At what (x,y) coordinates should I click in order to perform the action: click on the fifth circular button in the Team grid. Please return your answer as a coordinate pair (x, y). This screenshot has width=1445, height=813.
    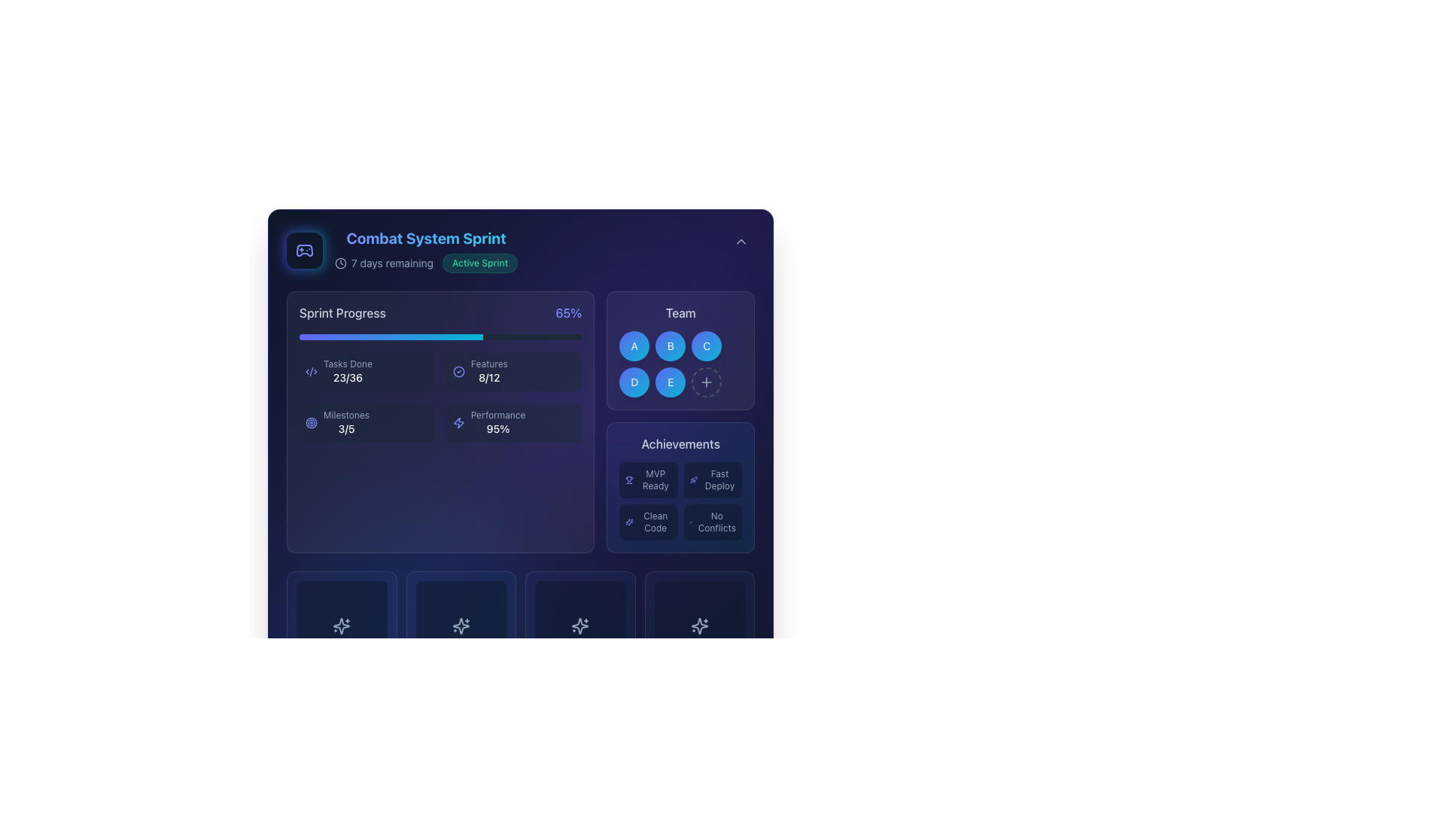
    Looking at the image, I should click on (680, 364).